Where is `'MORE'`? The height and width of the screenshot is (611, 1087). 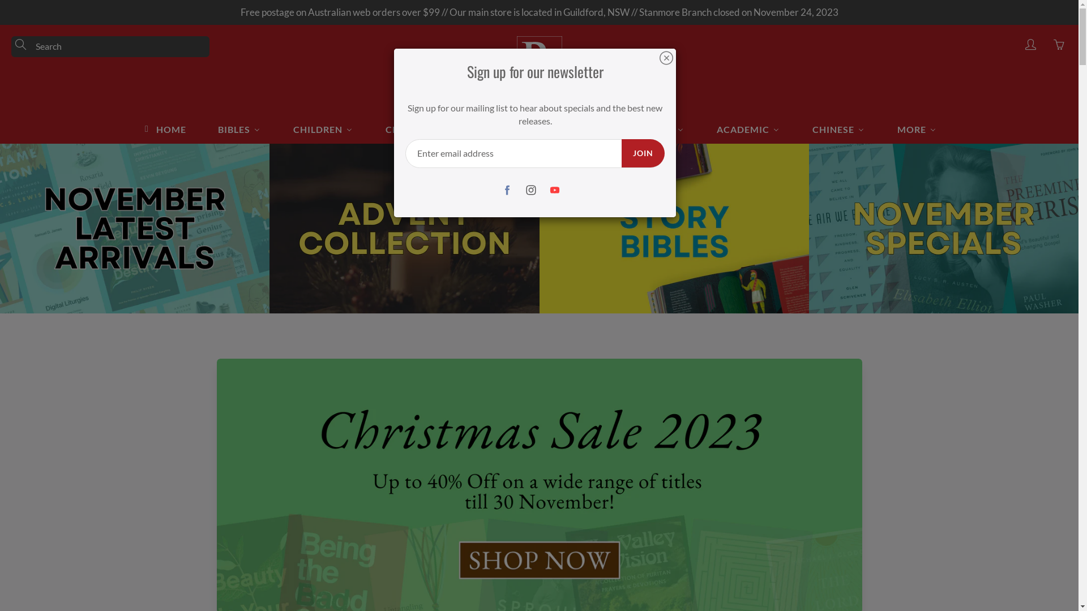
'MORE' is located at coordinates (917, 128).